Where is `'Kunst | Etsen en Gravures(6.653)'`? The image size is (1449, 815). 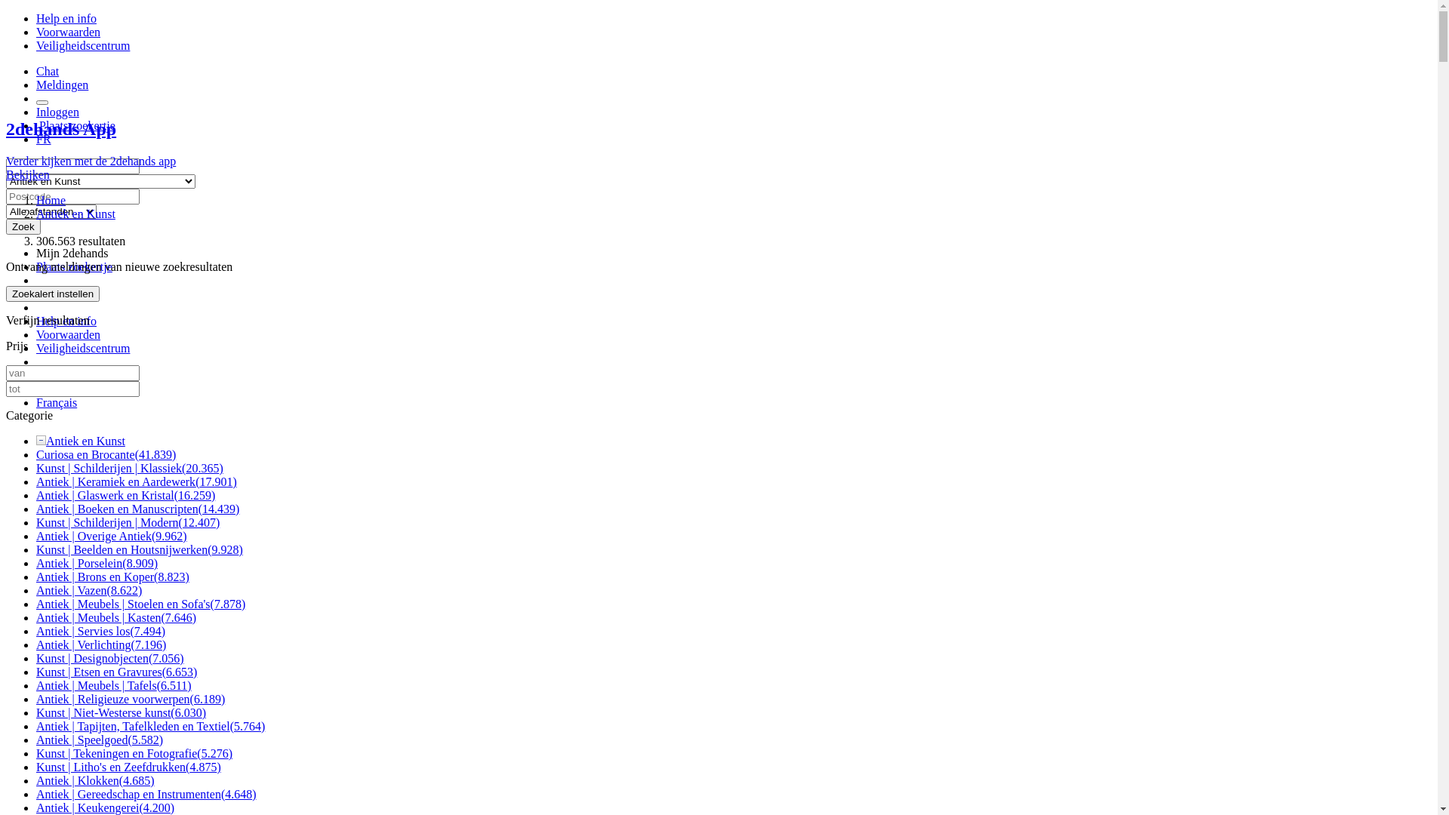 'Kunst | Etsen en Gravures(6.653)' is located at coordinates (36, 671).